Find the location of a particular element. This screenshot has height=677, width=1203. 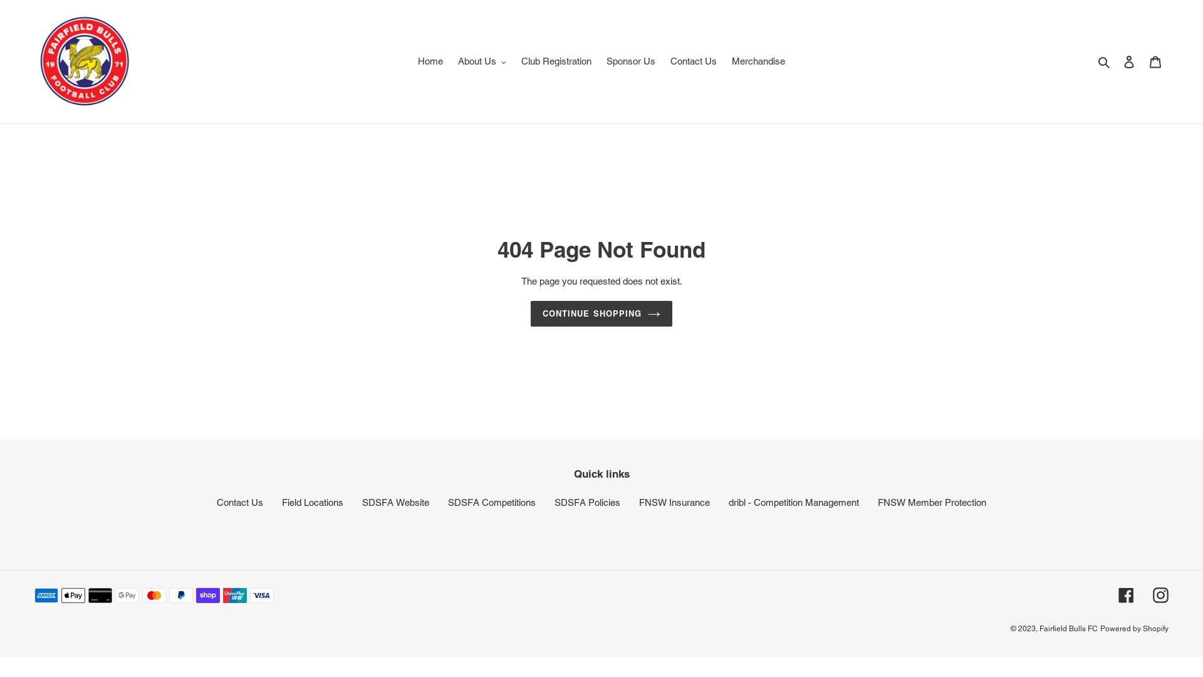

'Home' is located at coordinates (430, 61).